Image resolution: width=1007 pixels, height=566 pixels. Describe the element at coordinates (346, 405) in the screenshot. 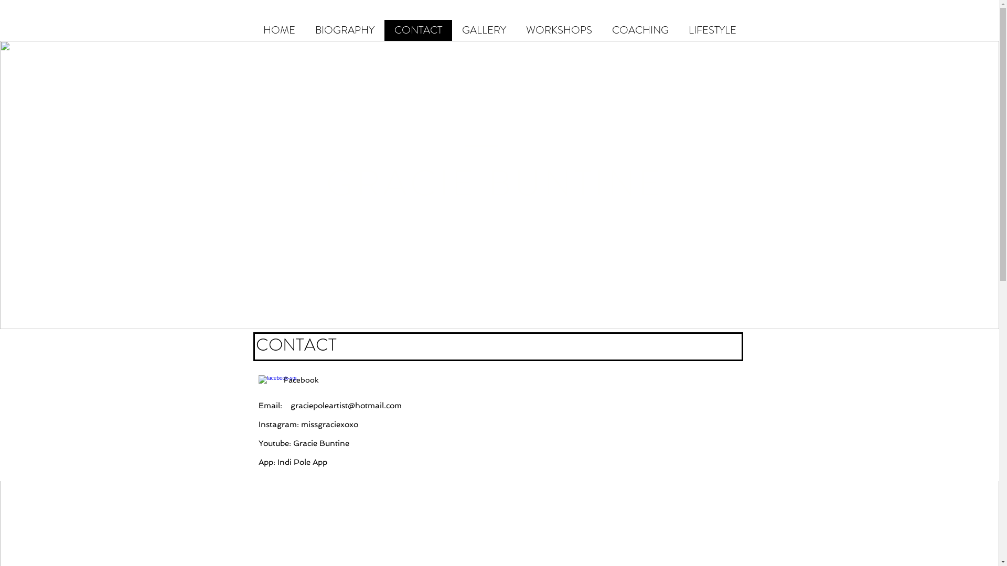

I see `'graciepoleartist@hotmail.com'` at that location.